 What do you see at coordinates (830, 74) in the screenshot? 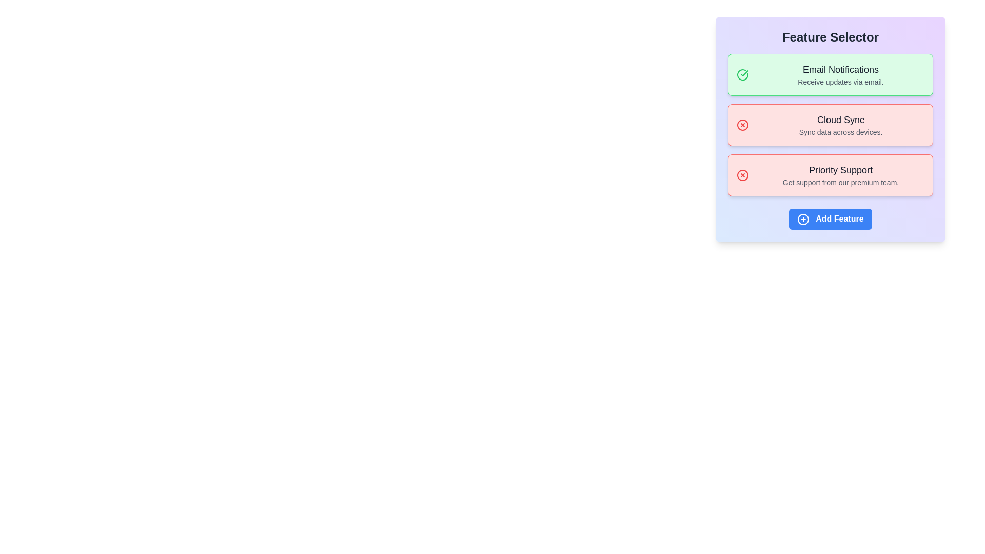
I see `the selectable option item titled 'Email Notifications' with a green border and light green background, which includes a checkmark icon and a description below it` at bounding box center [830, 74].